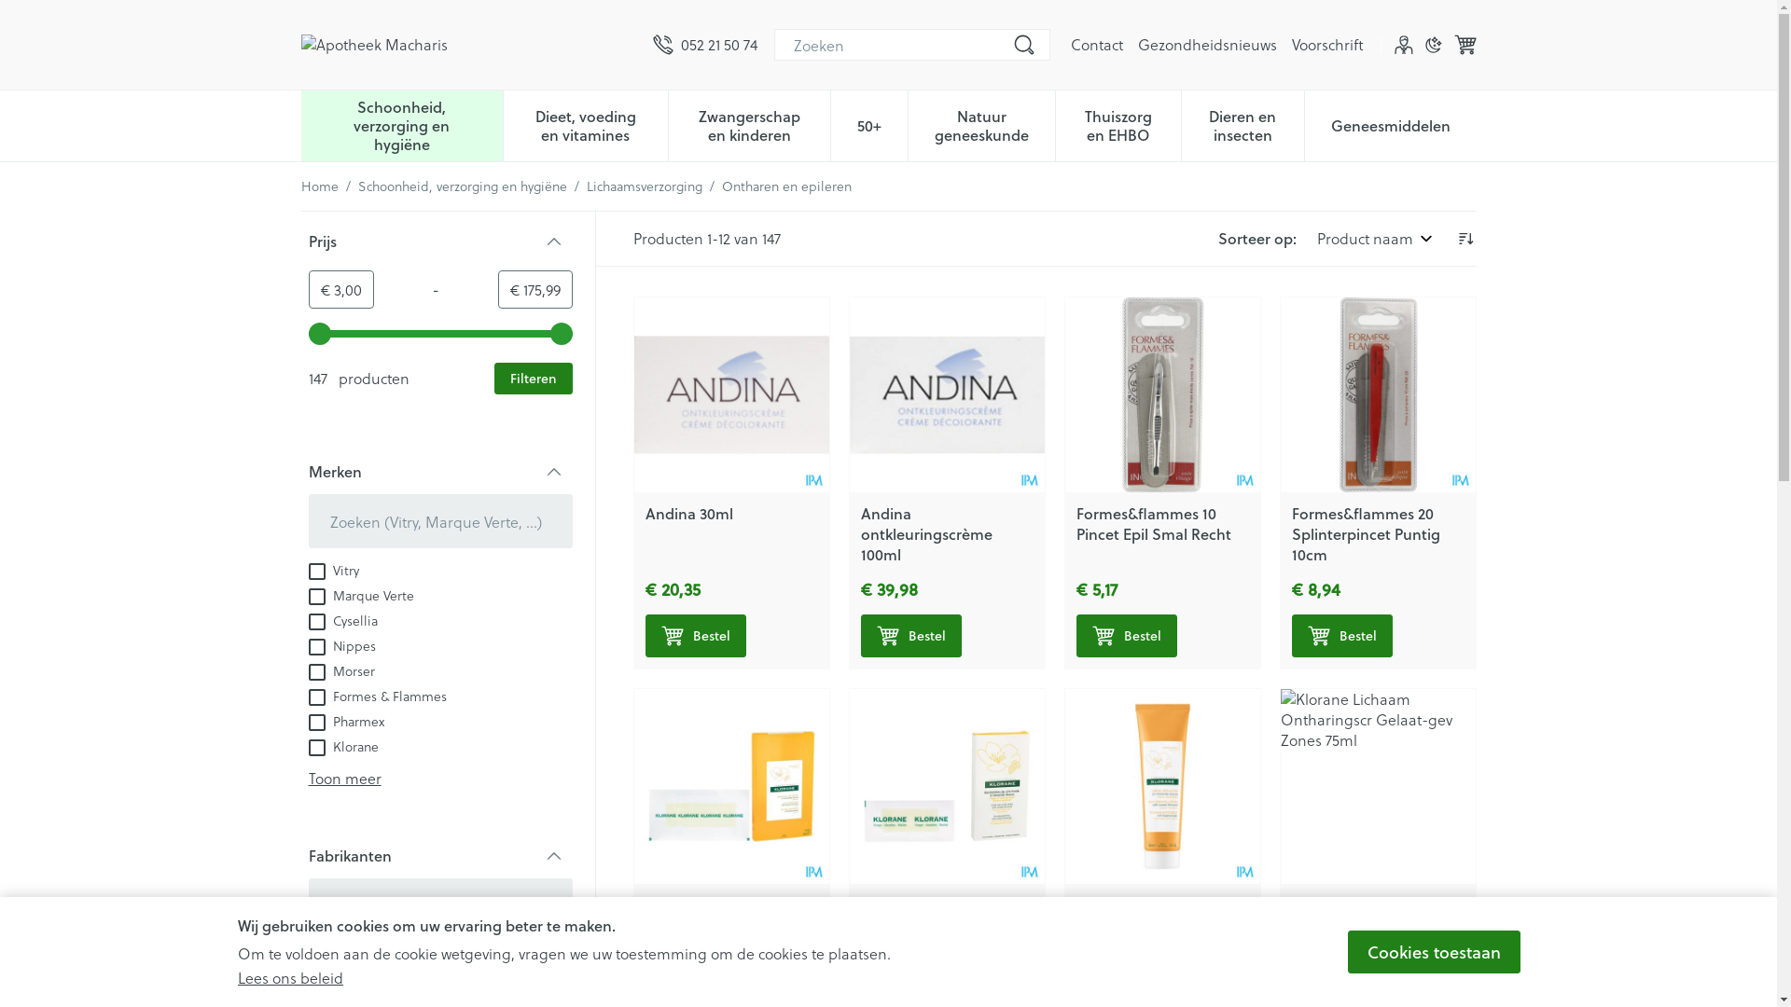 This screenshot has height=1007, width=1791. Describe the element at coordinates (503, 123) in the screenshot. I see `'Dieet, voeding en vitamines'` at that location.